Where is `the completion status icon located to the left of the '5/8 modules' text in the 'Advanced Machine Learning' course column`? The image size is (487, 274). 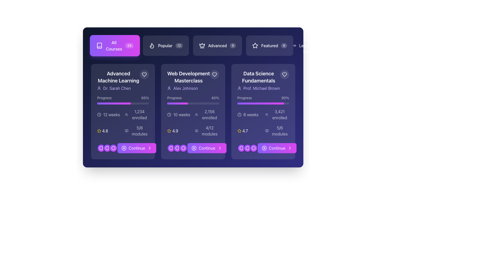 the completion status icon located to the left of the '5/8 modules' text in the 'Advanced Machine Learning' course column is located at coordinates (127, 131).